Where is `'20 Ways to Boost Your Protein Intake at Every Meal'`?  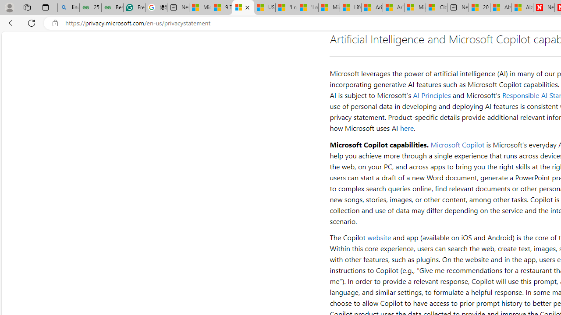 '20 Ways to Boost Your Protein Intake at Every Meal' is located at coordinates (479, 7).